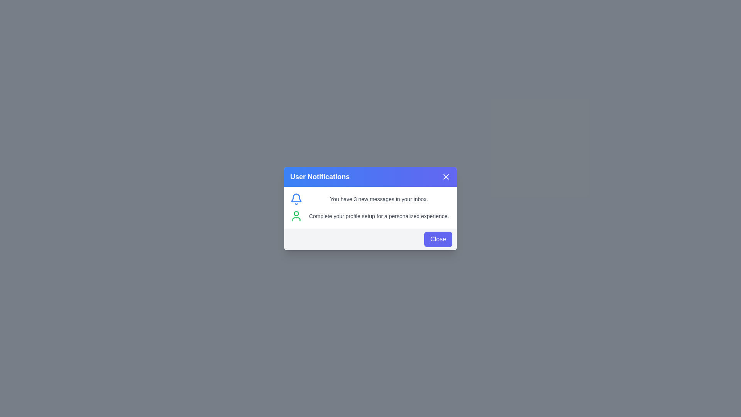  What do you see at coordinates (446, 177) in the screenshot?
I see `the close button icon, represented by a minimalist 'X', located in the top-right corner of the 'User Notifications' dialog box` at bounding box center [446, 177].